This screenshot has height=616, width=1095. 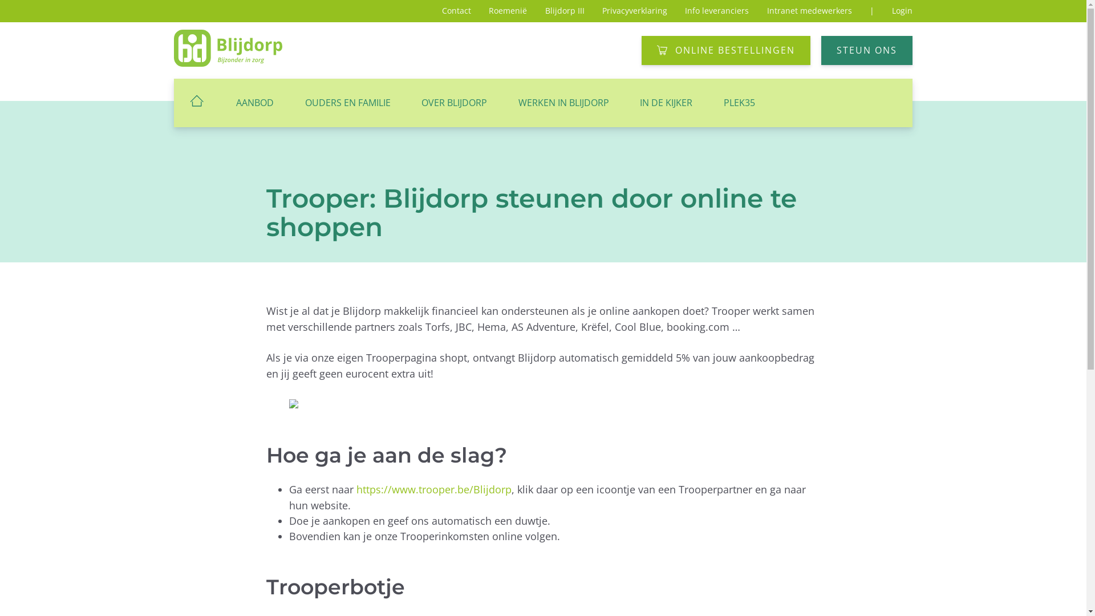 I want to click on 'OUDERS EN FAMILIE', so click(x=289, y=103).